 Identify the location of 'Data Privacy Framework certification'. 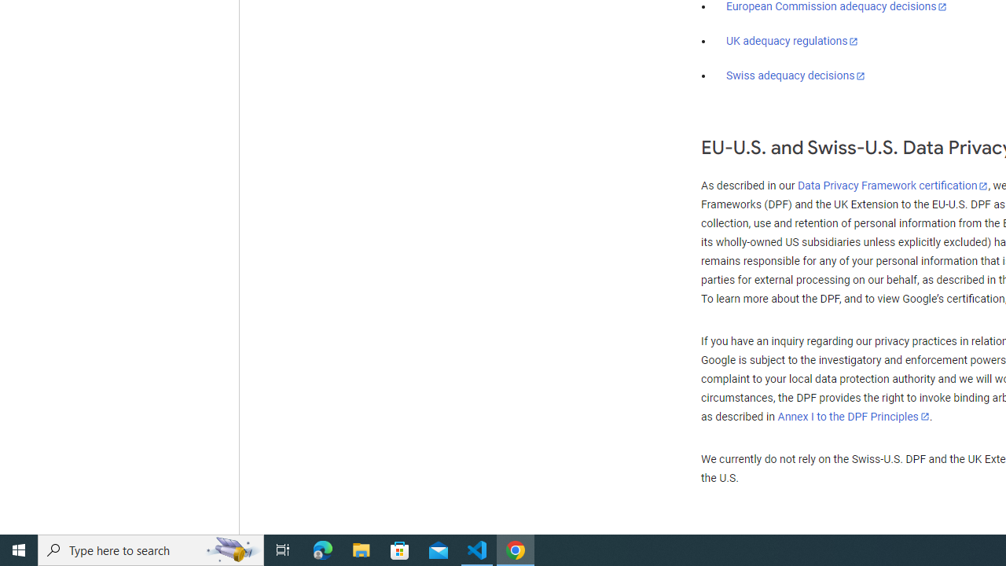
(893, 186).